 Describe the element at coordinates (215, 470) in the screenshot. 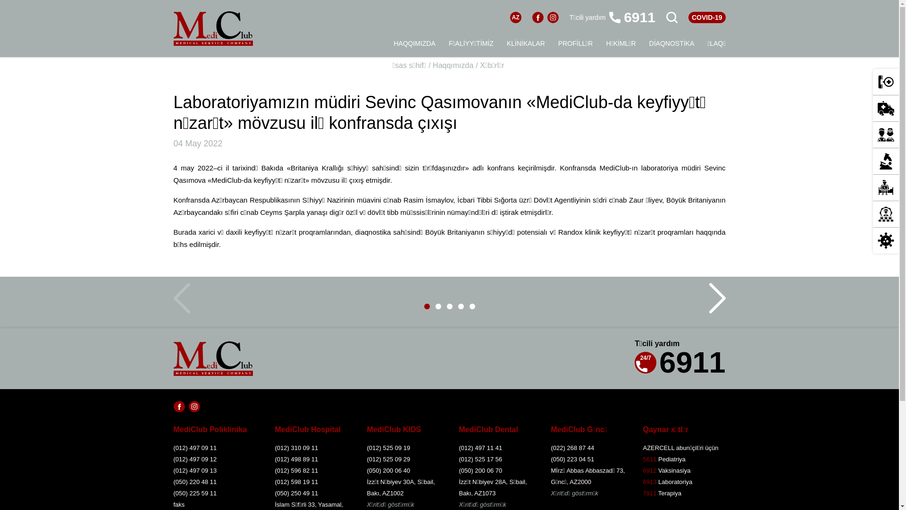

I see `'(012) 497 09 13'` at that location.